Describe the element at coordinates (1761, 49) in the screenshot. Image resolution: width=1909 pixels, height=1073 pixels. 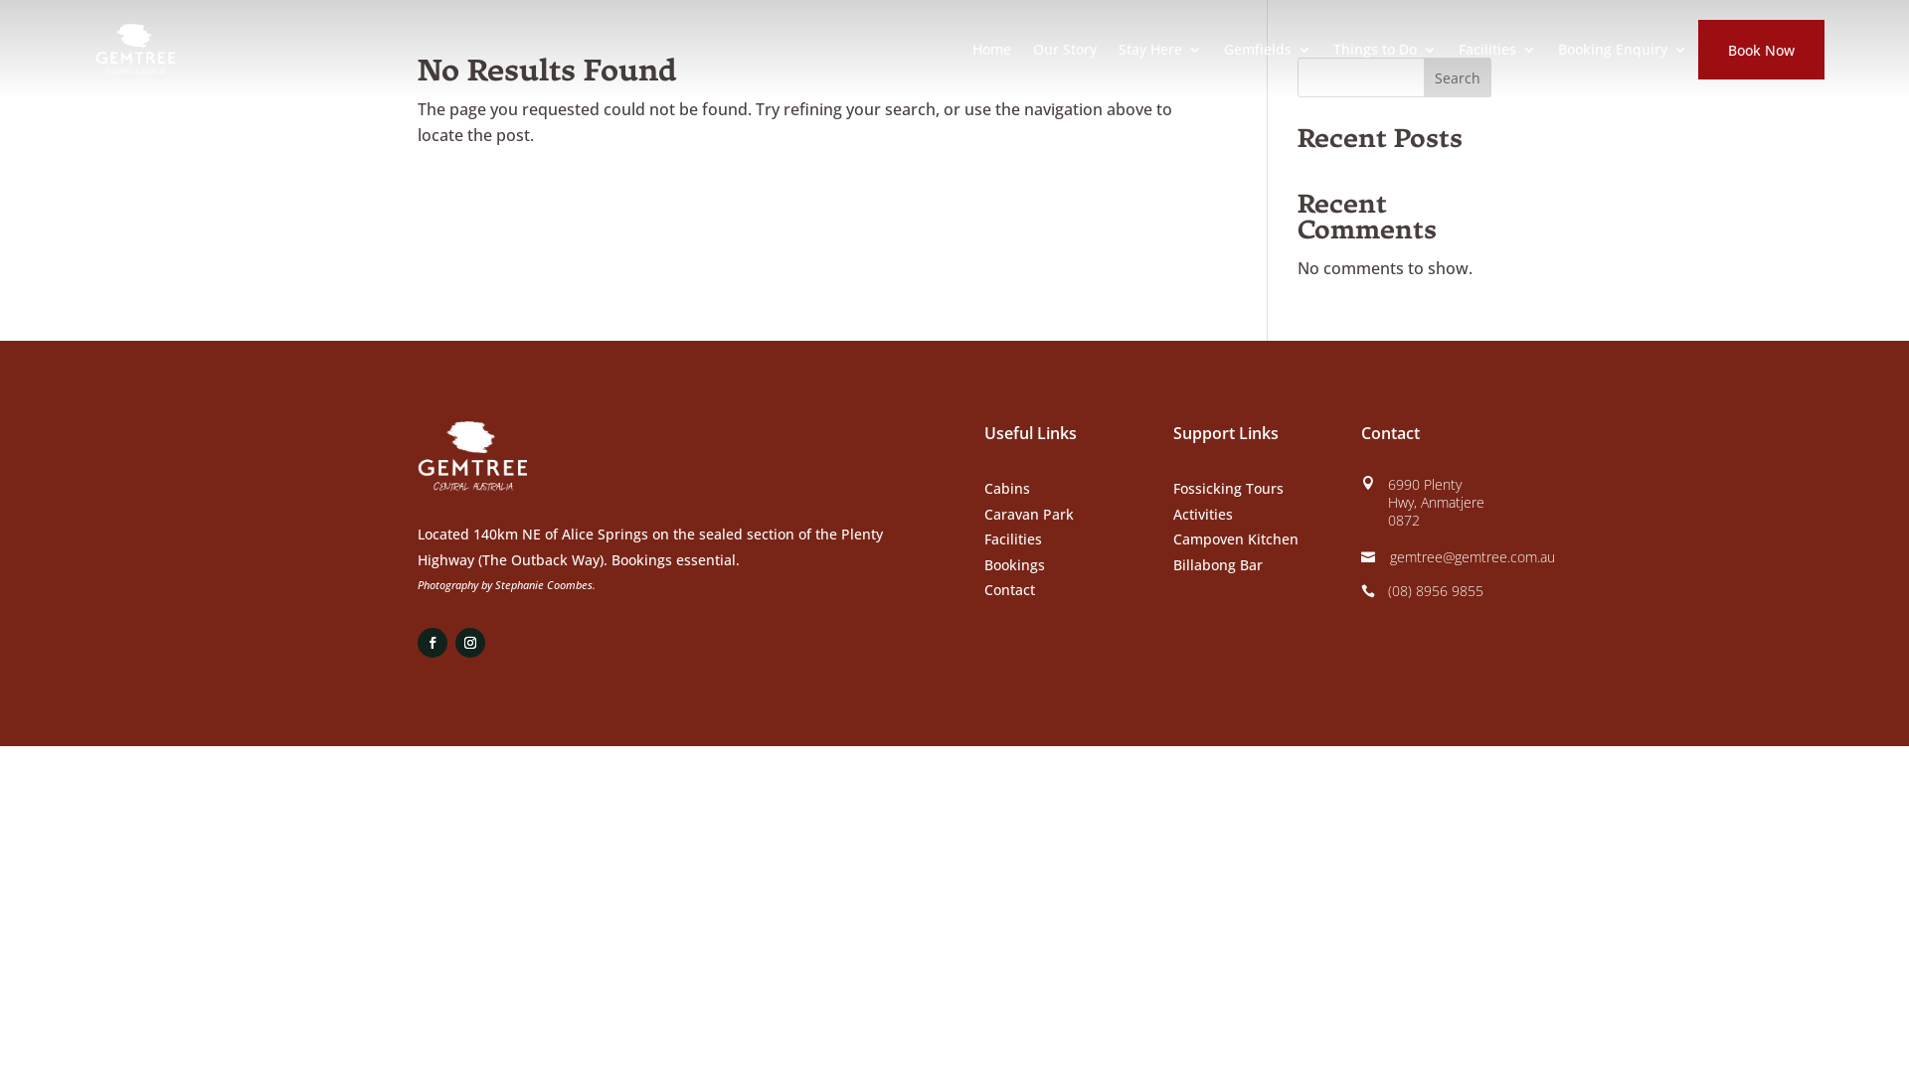
I see `'Book Now'` at that location.